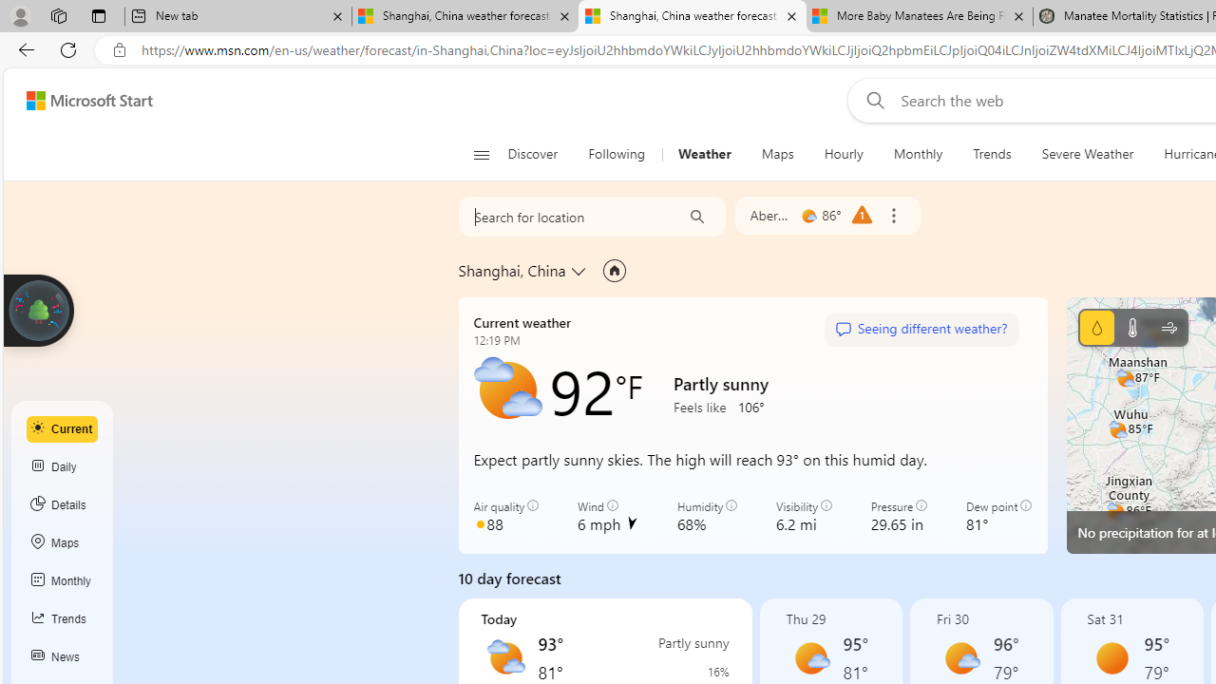 The image size is (1216, 684). What do you see at coordinates (614, 270) in the screenshot?
I see `'Set as primary location'` at bounding box center [614, 270].